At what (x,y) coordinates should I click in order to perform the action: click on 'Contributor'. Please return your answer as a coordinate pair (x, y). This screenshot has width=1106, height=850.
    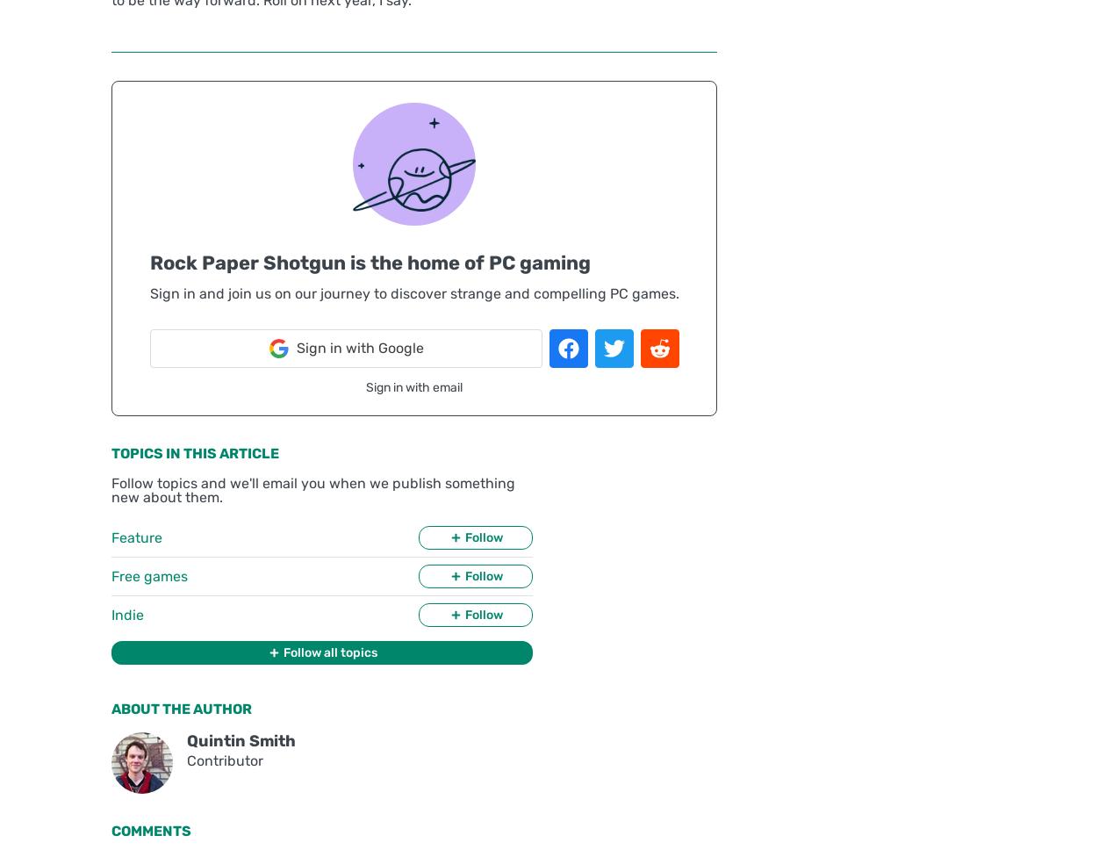
    Looking at the image, I should click on (186, 760).